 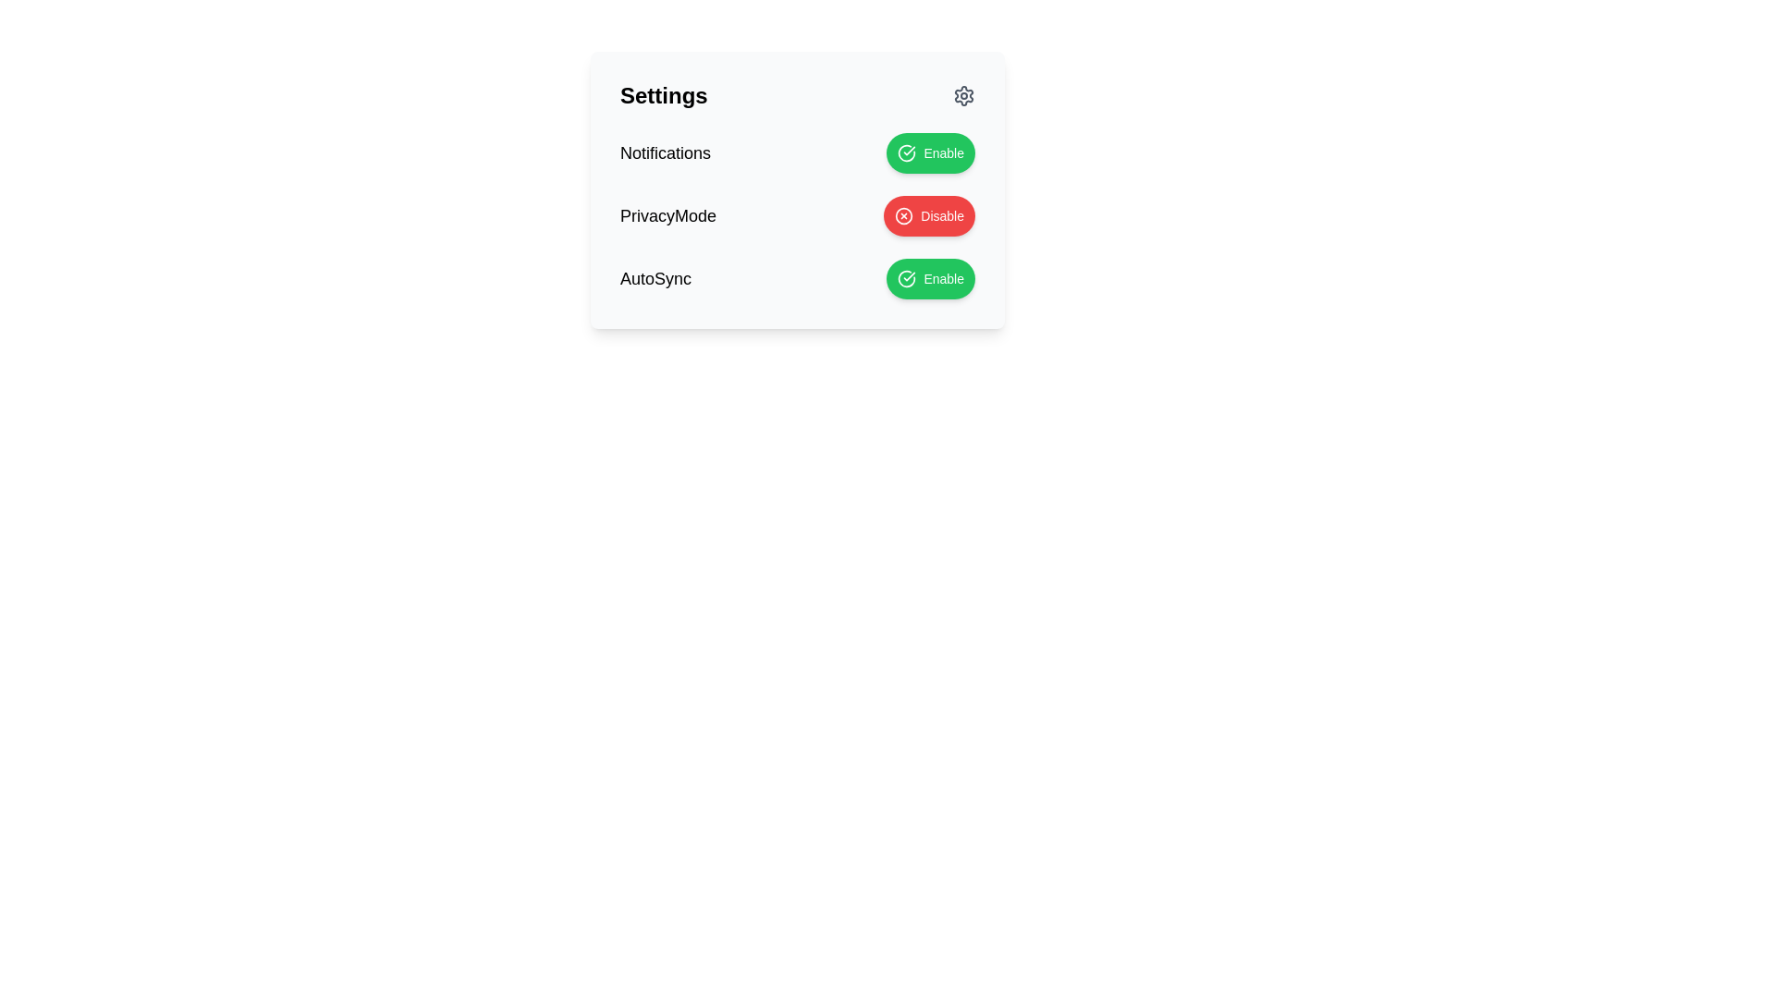 What do you see at coordinates (655, 278) in the screenshot?
I see `the Text Label that serves as a title for the related setting, which is positioned next to a green 'Enable' button` at bounding box center [655, 278].